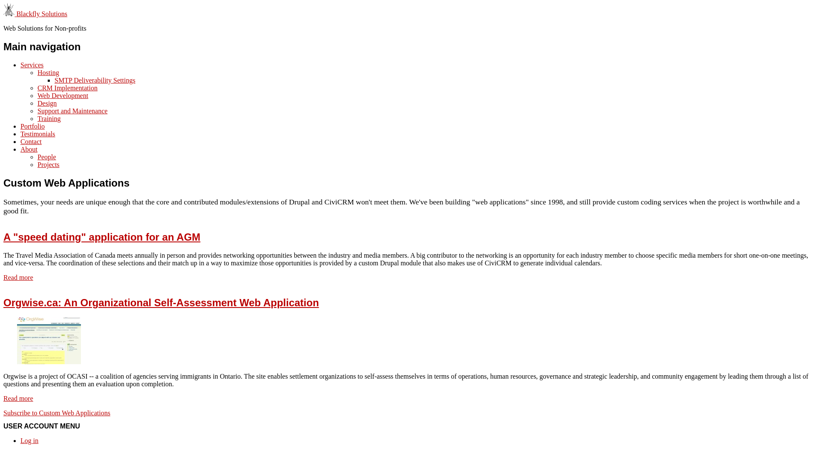 The width and height of the screenshot is (818, 460). What do you see at coordinates (29, 149) in the screenshot?
I see `'About'` at bounding box center [29, 149].